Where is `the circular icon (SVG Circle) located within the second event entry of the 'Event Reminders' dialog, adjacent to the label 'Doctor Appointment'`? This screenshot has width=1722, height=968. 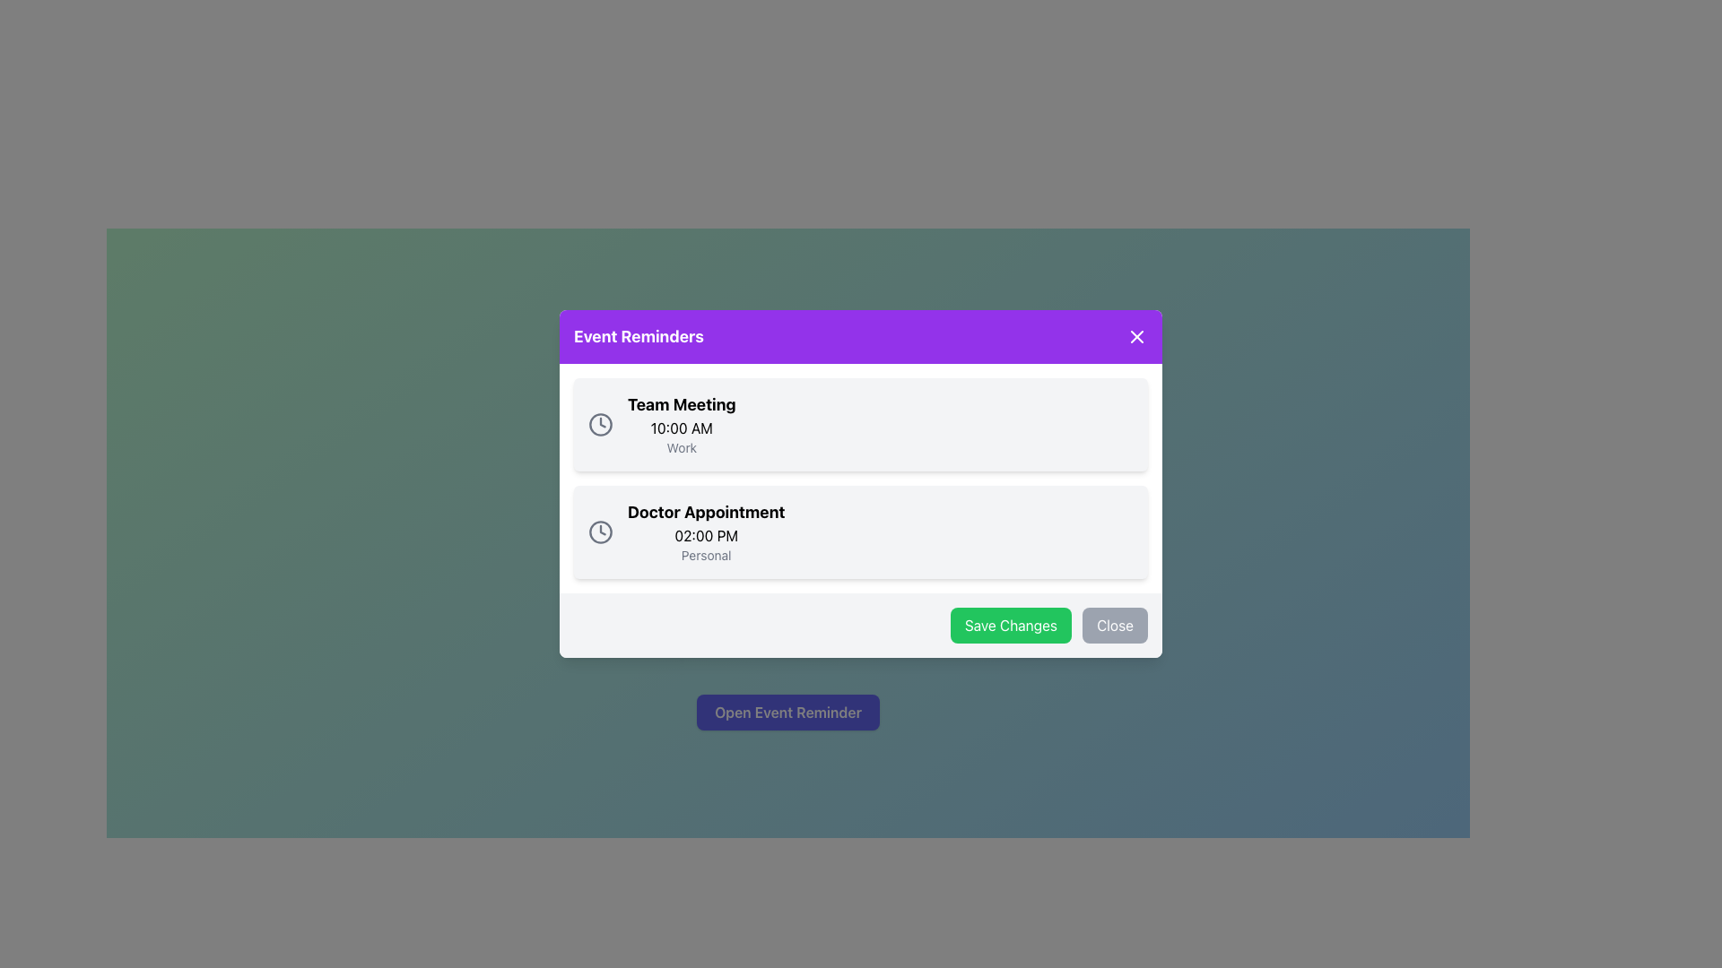 the circular icon (SVG Circle) located within the second event entry of the 'Event Reminders' dialog, adjacent to the label 'Doctor Appointment' is located at coordinates (601, 425).